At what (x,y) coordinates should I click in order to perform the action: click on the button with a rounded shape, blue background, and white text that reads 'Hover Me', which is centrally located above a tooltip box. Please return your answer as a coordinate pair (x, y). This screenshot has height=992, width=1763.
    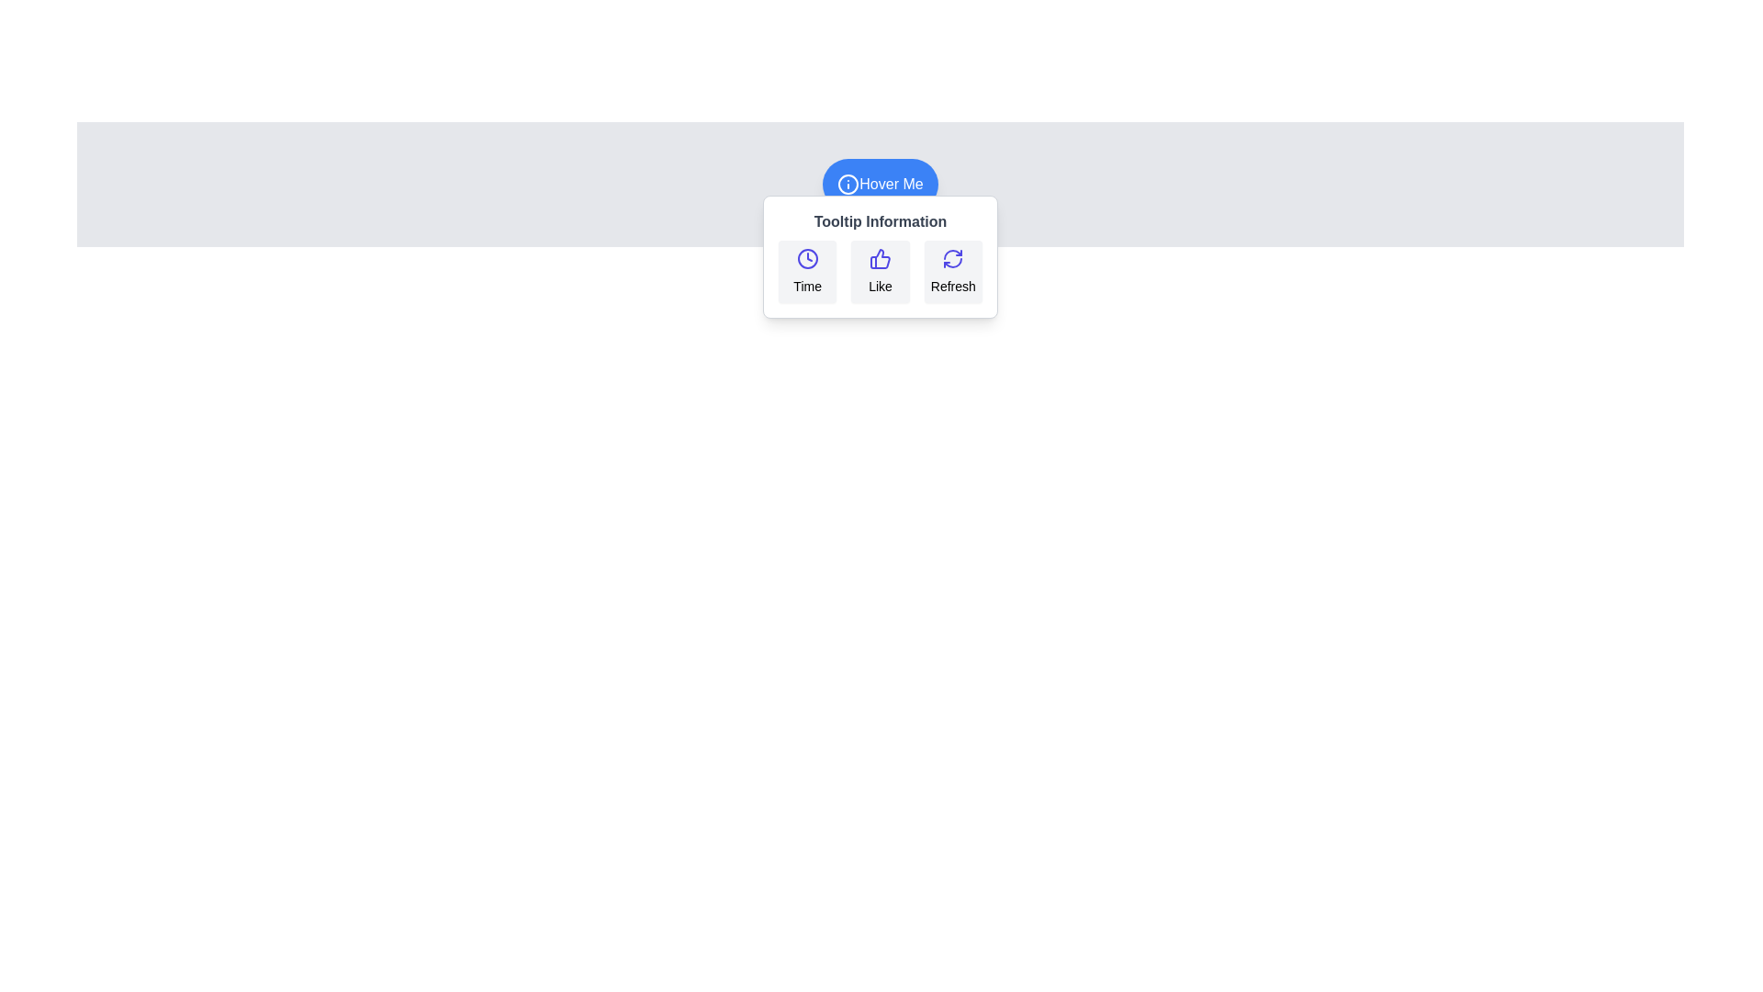
    Looking at the image, I should click on (880, 184).